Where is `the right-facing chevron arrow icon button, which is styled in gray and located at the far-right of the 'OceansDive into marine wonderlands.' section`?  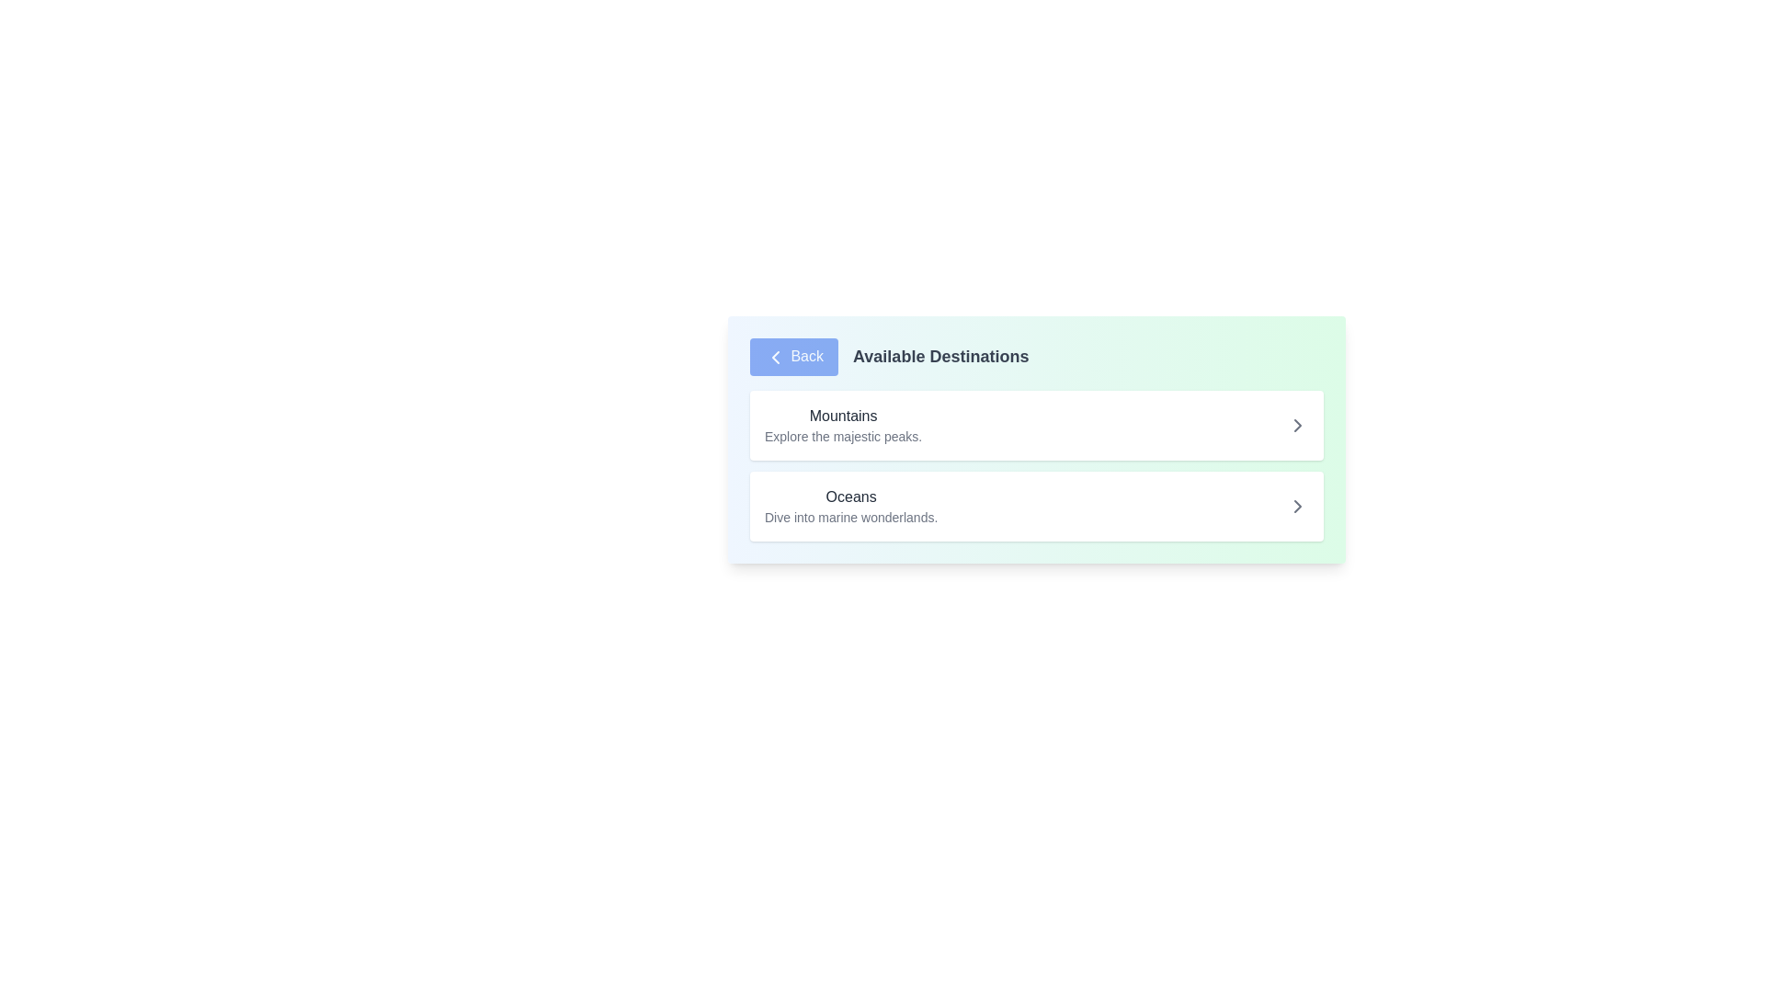 the right-facing chevron arrow icon button, which is styled in gray and located at the far-right of the 'OceansDive into marine wonderlands.' section is located at coordinates (1296, 506).